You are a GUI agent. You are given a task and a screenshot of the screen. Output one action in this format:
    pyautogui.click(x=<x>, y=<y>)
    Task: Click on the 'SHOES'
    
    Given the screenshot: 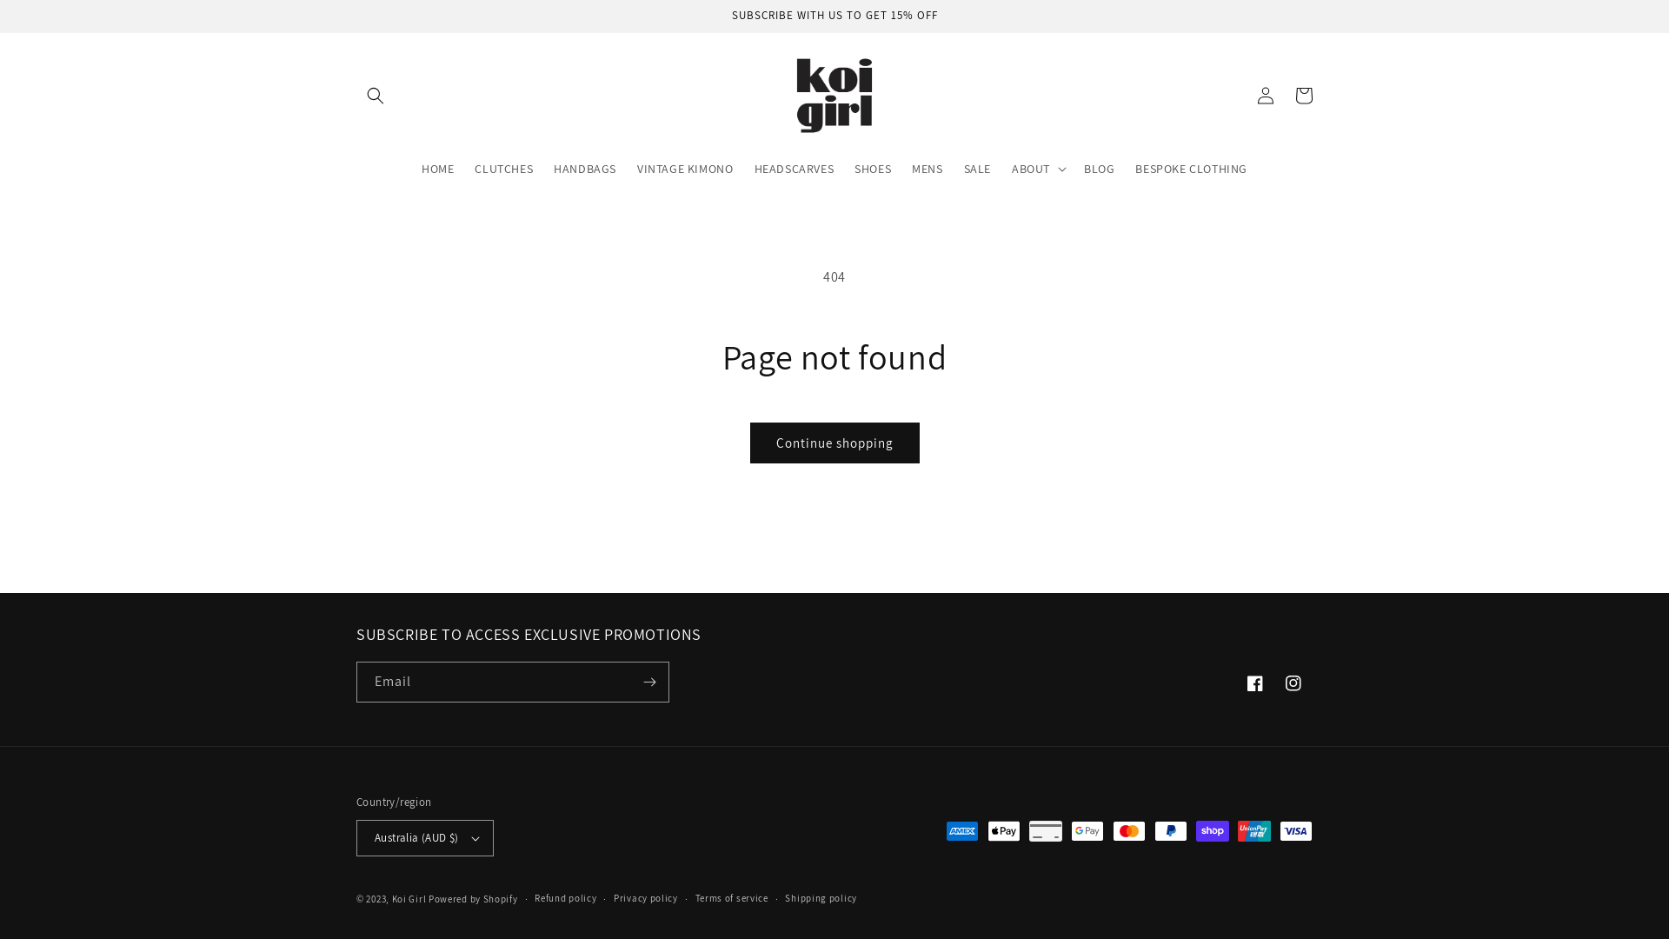 What is the action you would take?
    pyautogui.click(x=843, y=168)
    